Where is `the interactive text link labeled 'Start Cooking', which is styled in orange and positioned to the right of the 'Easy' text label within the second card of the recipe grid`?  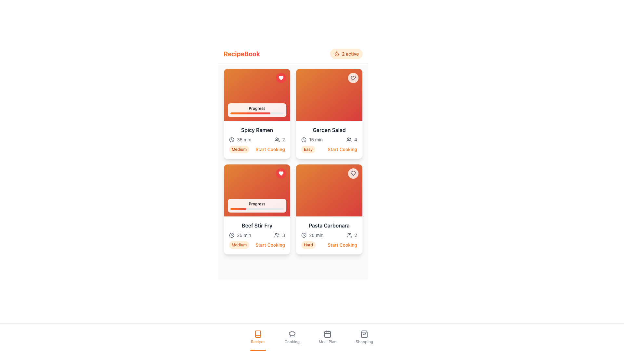
the interactive text link labeled 'Start Cooking', which is styled in orange and positioned to the right of the 'Easy' text label within the second card of the recipe grid is located at coordinates (342, 149).